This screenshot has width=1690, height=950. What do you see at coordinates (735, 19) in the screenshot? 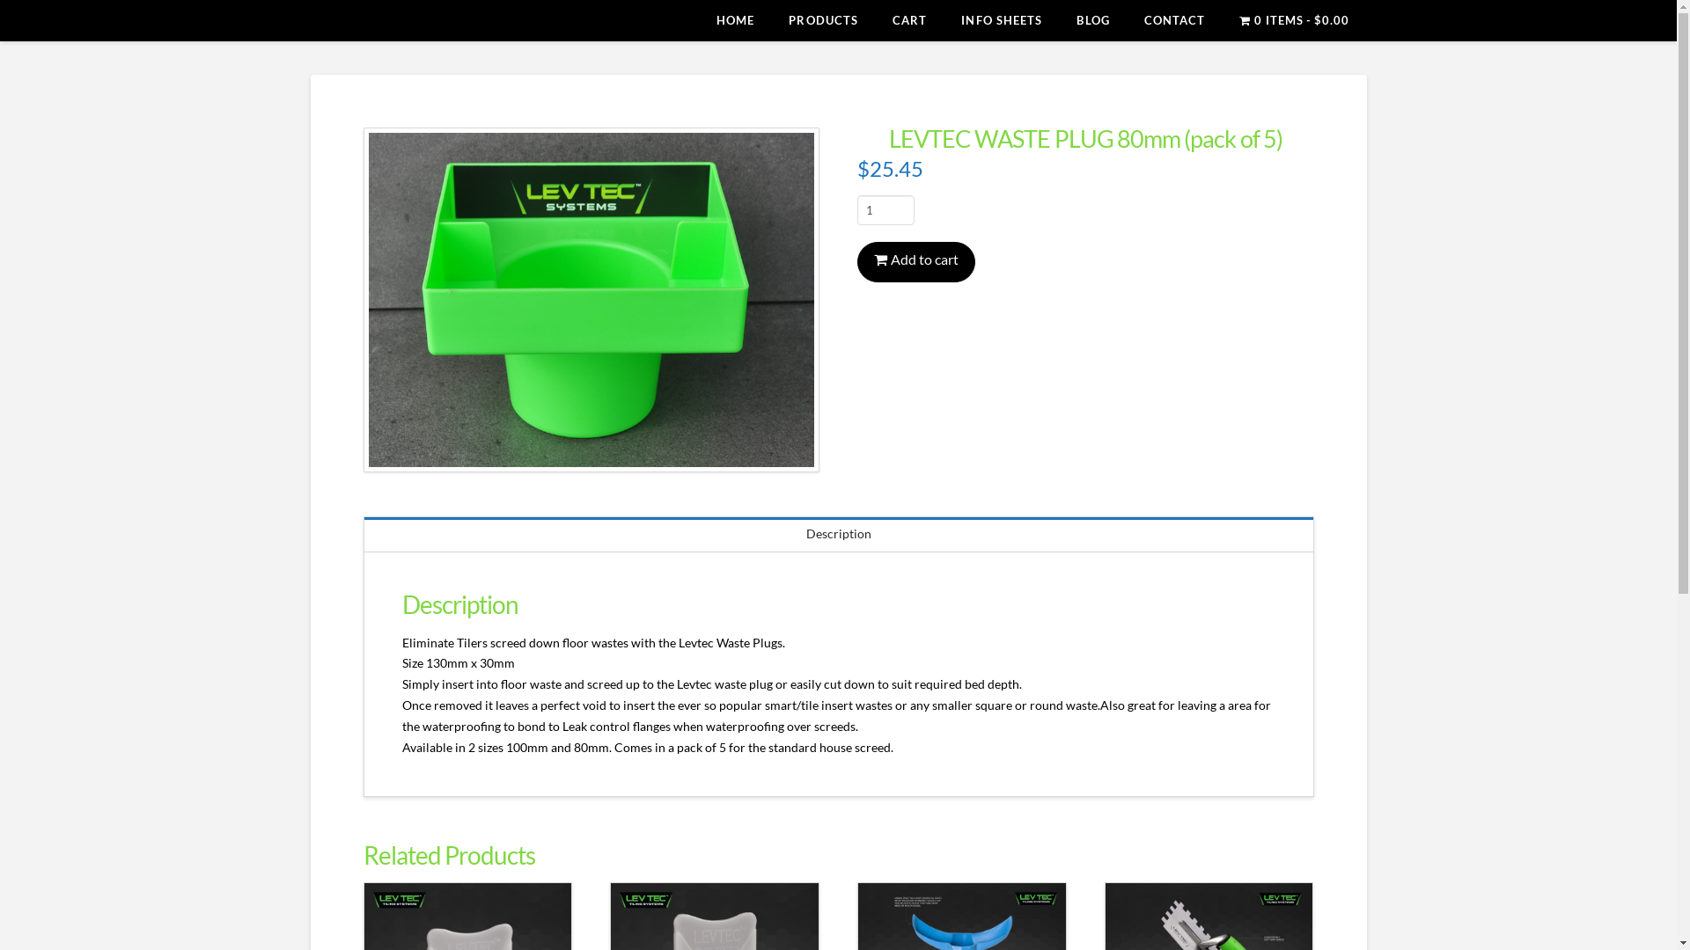
I see `'HOME'` at bounding box center [735, 19].